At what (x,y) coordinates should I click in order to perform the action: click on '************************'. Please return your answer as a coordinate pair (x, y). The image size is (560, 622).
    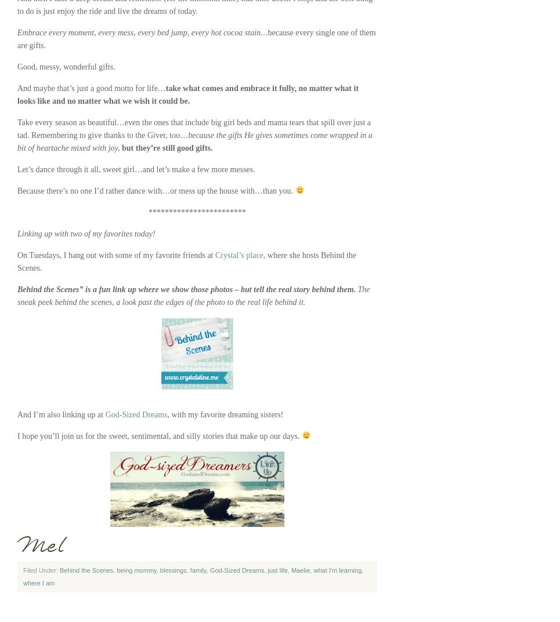
    Looking at the image, I should click on (197, 212).